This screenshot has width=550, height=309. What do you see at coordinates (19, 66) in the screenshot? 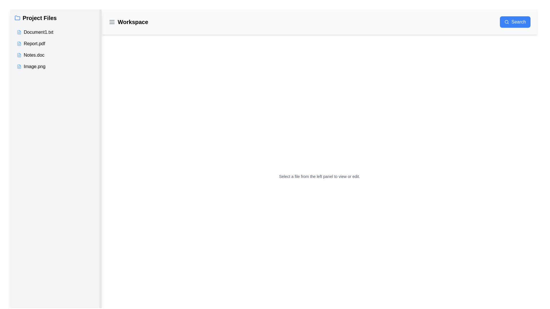
I see `the blue tinted document icon representing the file 'Image.png'` at bounding box center [19, 66].